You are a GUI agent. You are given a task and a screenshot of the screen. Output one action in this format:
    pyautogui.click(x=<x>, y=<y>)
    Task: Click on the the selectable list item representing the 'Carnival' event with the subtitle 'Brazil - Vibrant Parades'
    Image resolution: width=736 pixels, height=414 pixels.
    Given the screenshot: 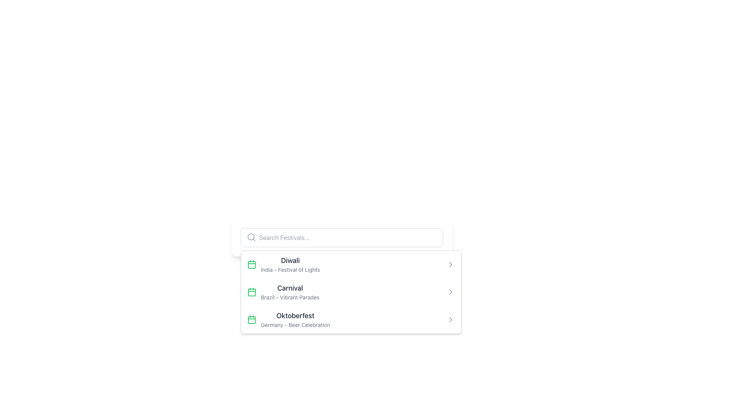 What is the action you would take?
    pyautogui.click(x=283, y=292)
    